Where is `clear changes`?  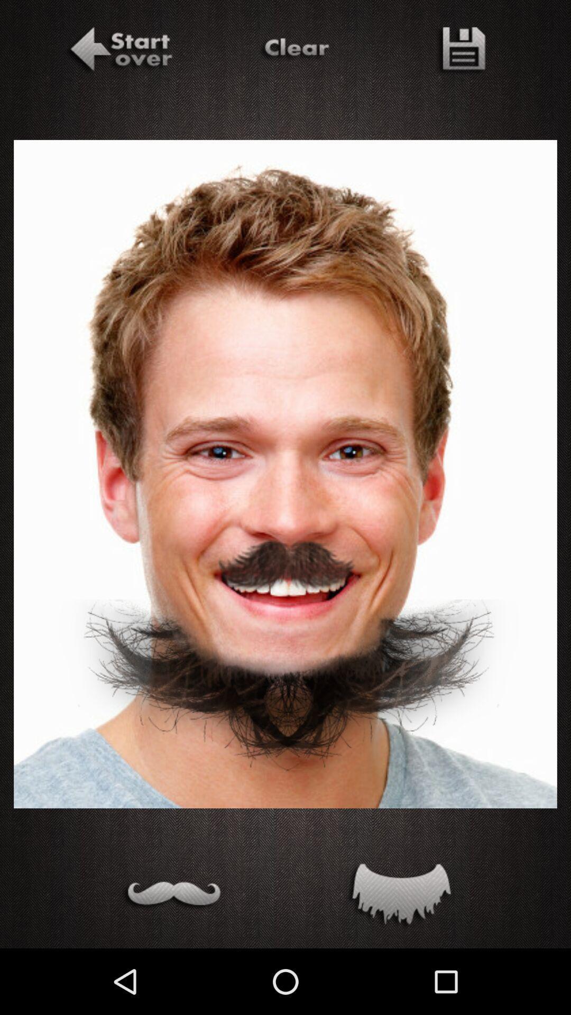
clear changes is located at coordinates (294, 51).